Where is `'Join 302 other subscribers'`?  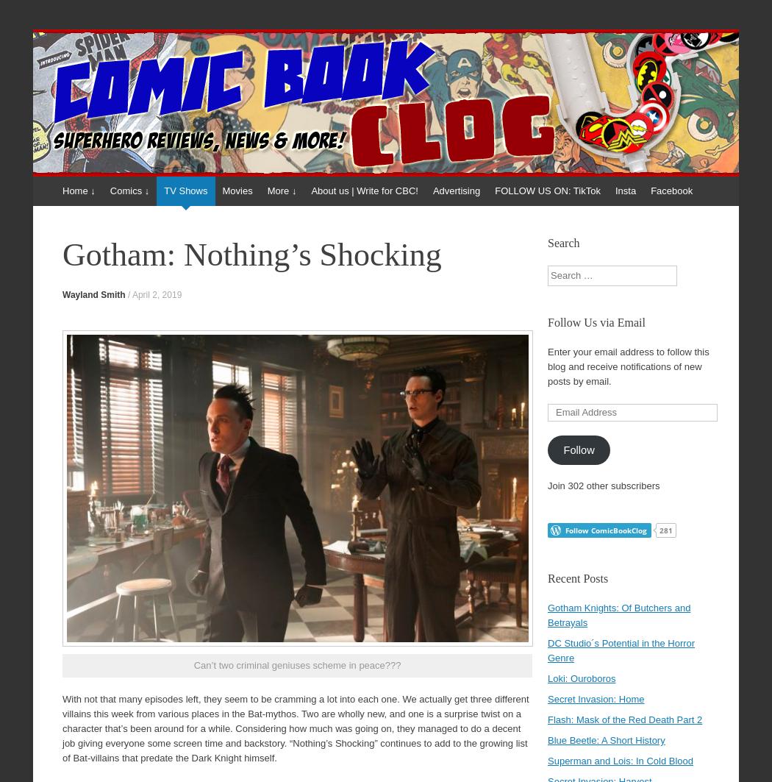
'Join 302 other subscribers' is located at coordinates (602, 485).